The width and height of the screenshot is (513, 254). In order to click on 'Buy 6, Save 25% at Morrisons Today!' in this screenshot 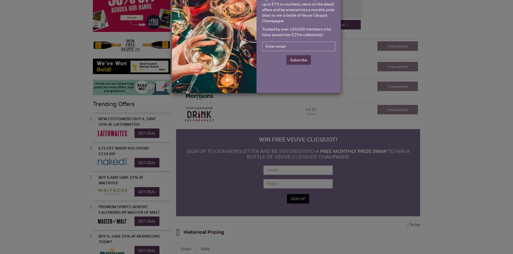, I will do `click(129, 239)`.